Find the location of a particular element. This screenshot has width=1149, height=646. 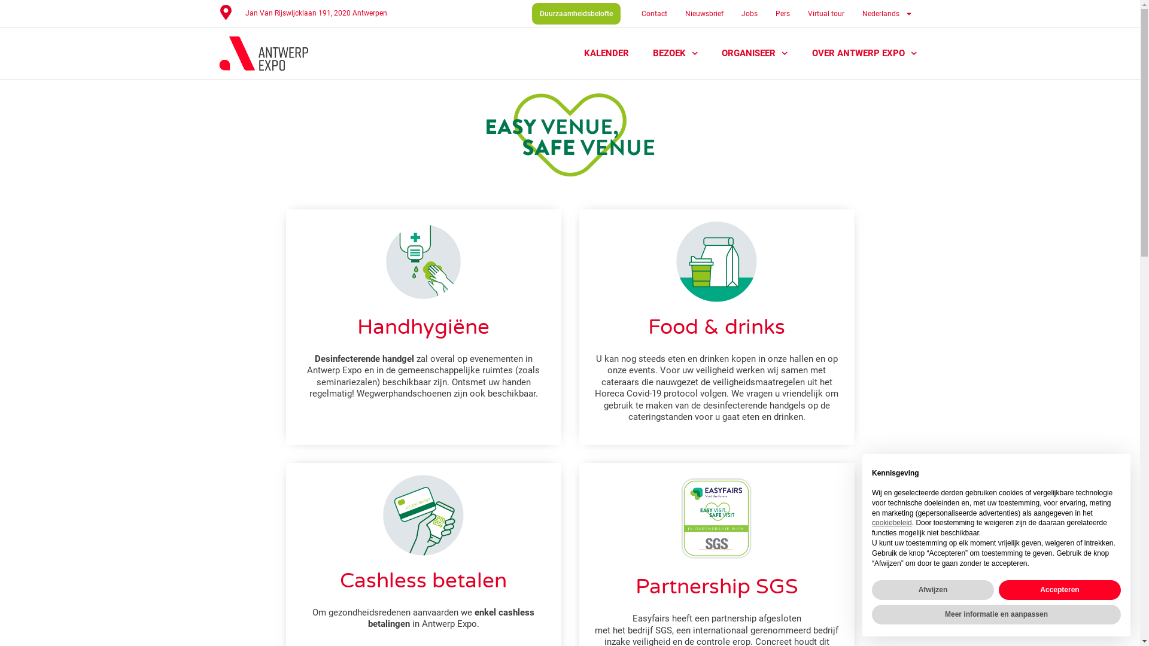

'Afwijzen' is located at coordinates (932, 589).